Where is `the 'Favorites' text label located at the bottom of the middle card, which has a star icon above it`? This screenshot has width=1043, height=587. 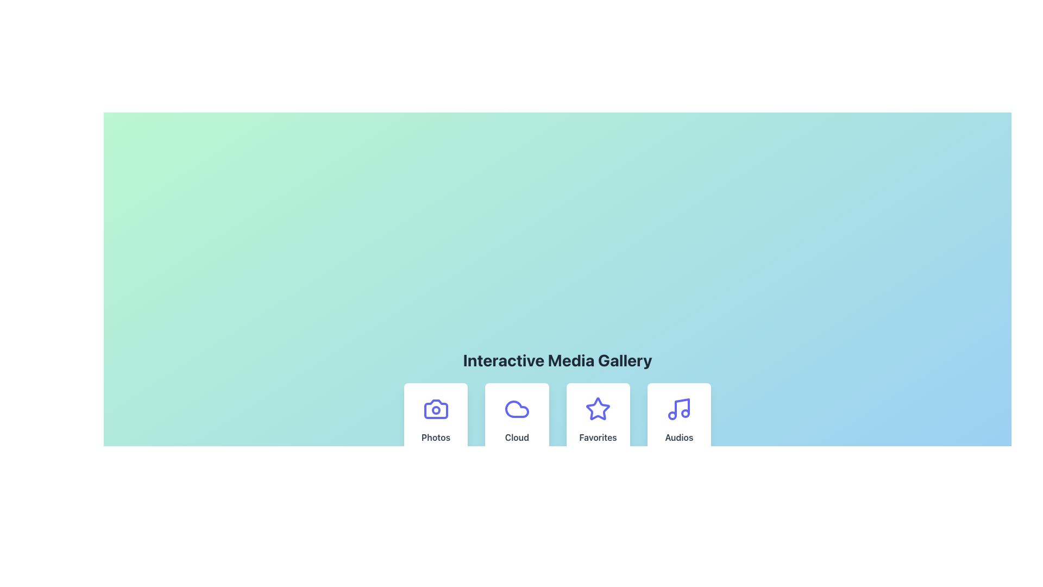
the 'Favorites' text label located at the bottom of the middle card, which has a star icon above it is located at coordinates (598, 437).